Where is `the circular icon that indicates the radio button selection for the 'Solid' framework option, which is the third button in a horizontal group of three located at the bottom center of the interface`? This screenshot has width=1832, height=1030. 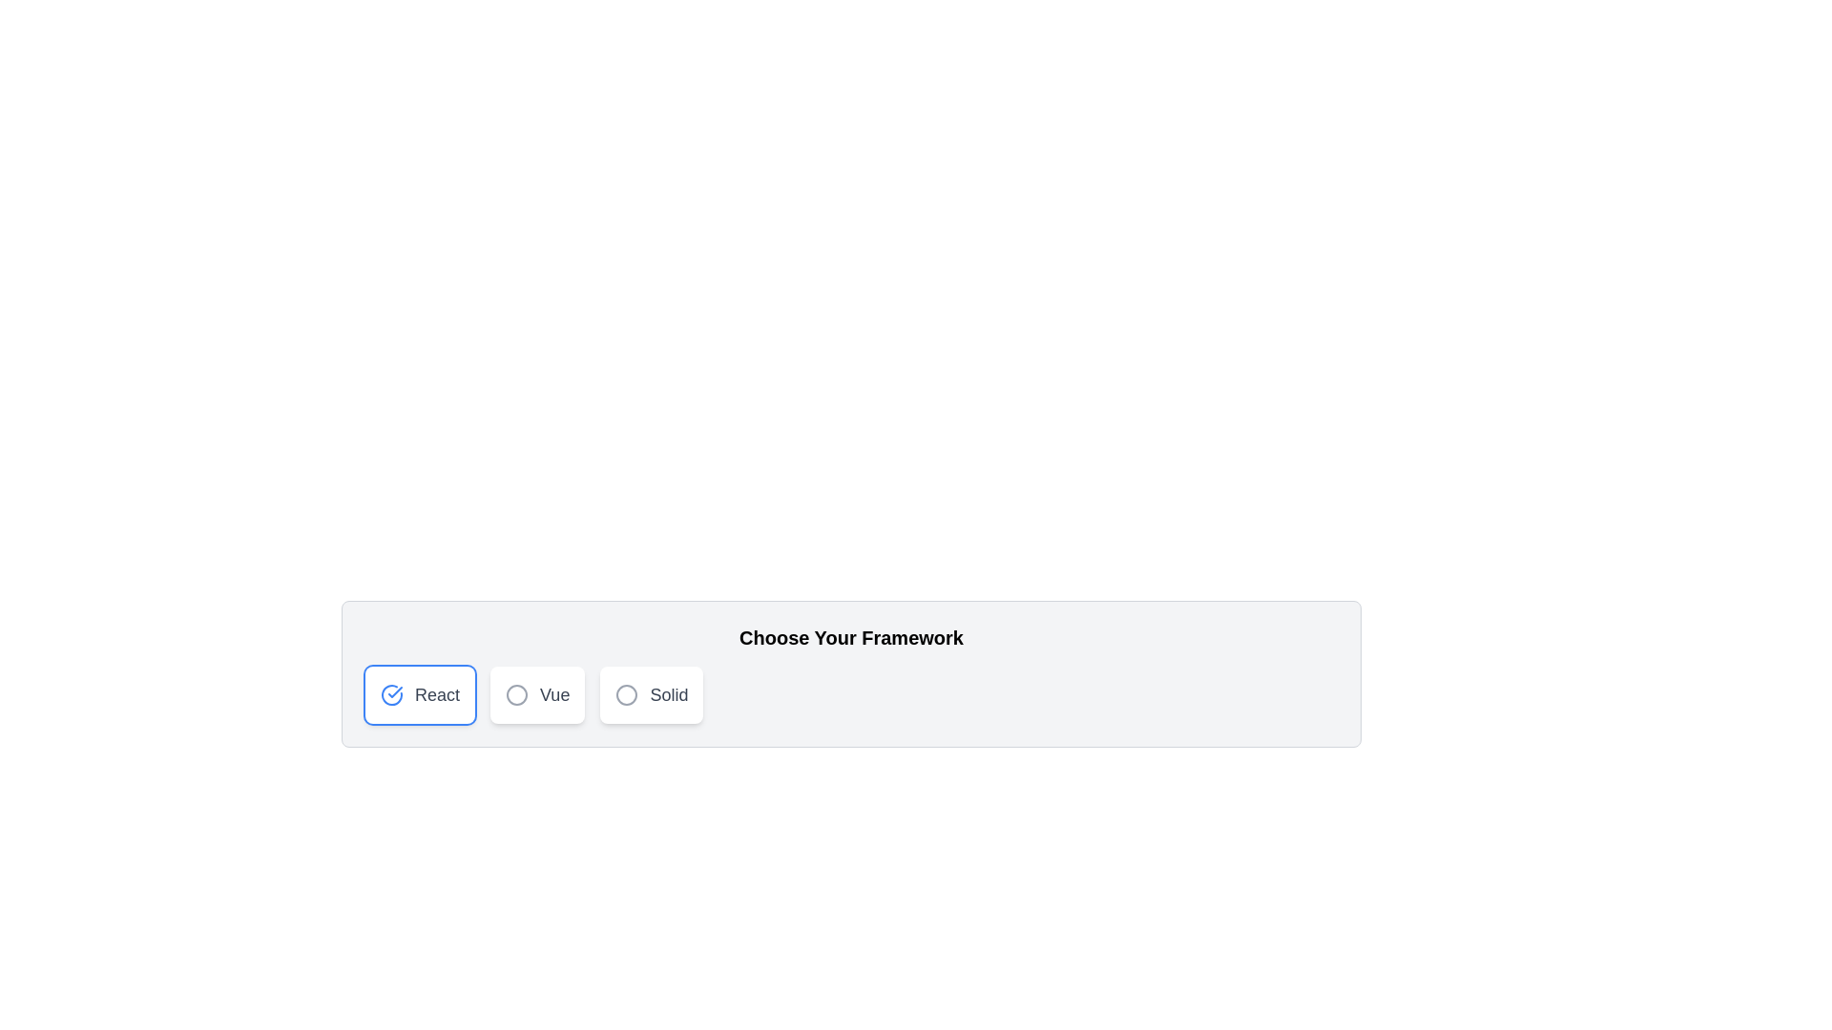
the circular icon that indicates the radio button selection for the 'Solid' framework option, which is the third button in a horizontal group of three located at the bottom center of the interface is located at coordinates (627, 695).